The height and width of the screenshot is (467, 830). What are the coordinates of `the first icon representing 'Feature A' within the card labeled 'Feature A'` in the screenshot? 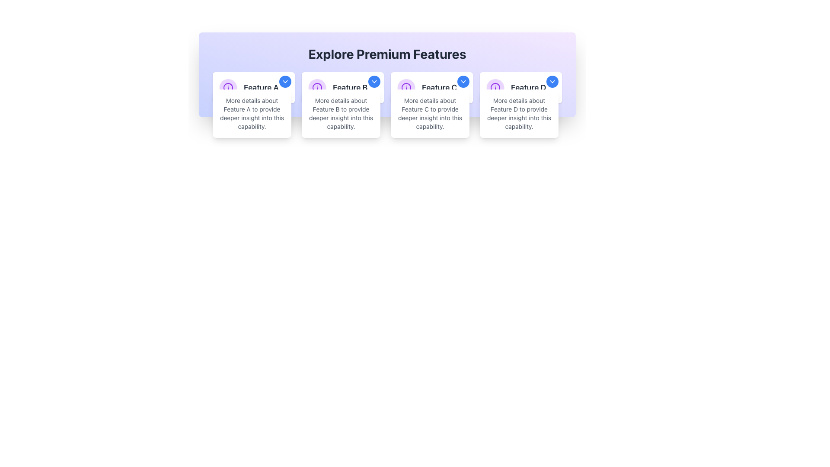 It's located at (228, 88).